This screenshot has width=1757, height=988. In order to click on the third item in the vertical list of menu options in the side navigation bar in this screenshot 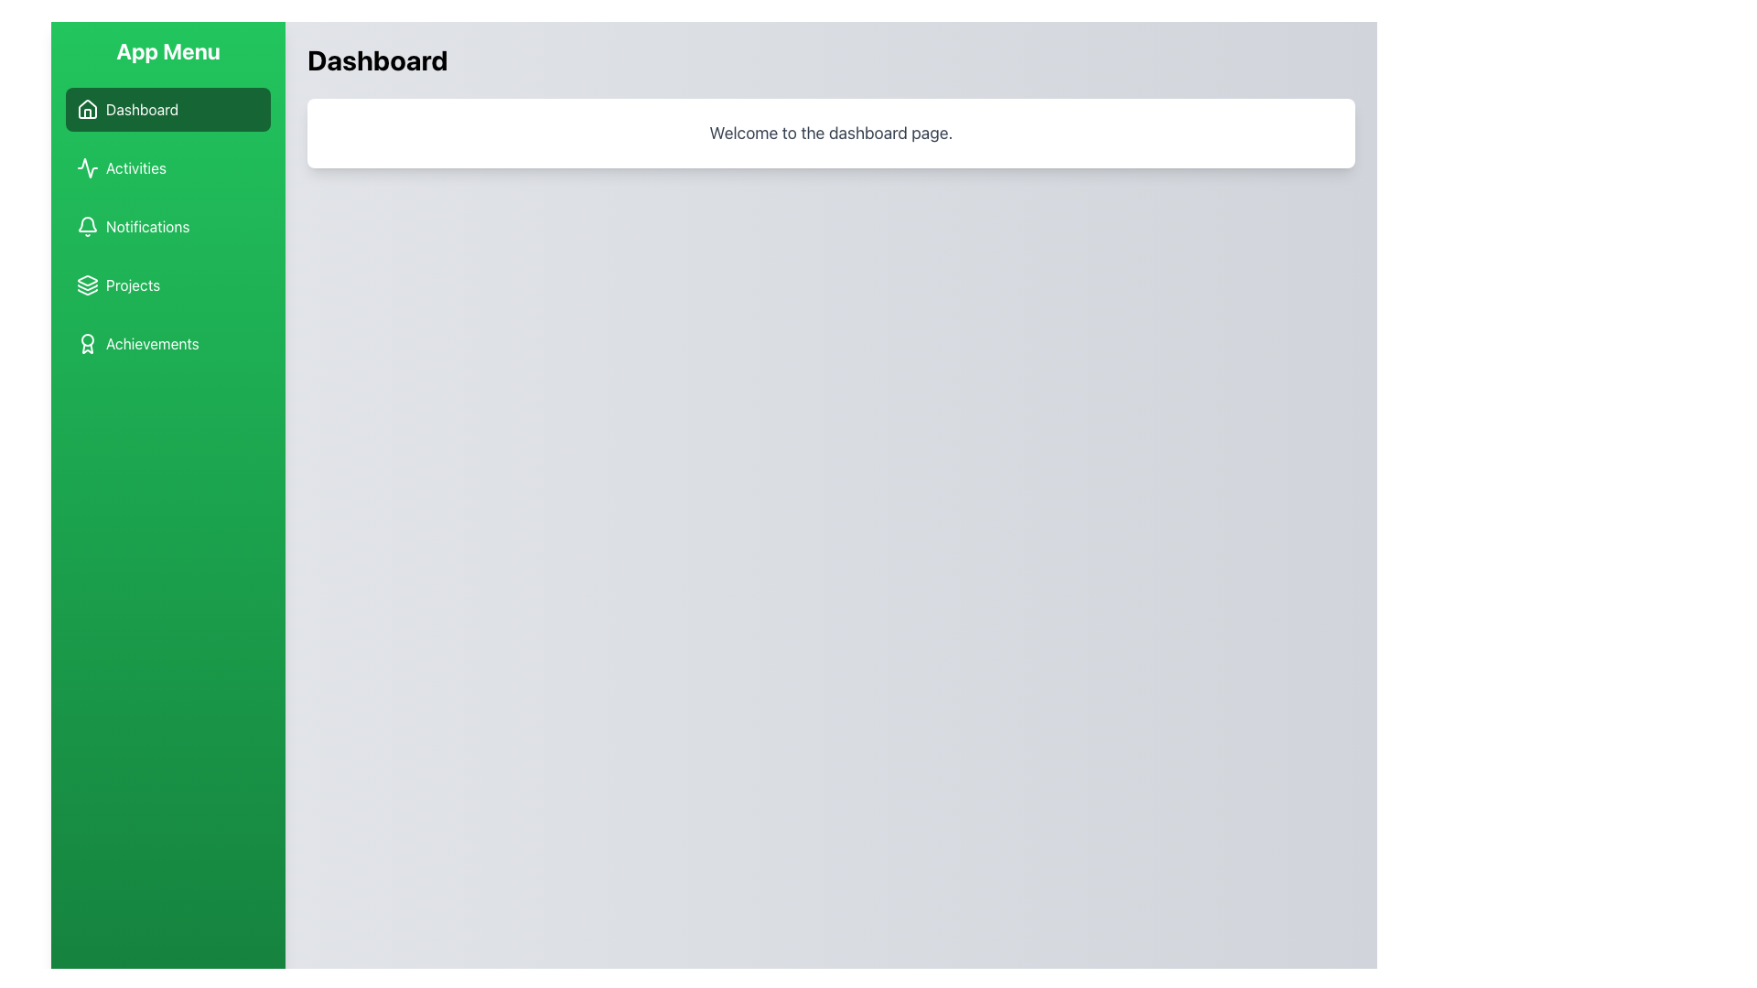, I will do `click(167, 225)`.